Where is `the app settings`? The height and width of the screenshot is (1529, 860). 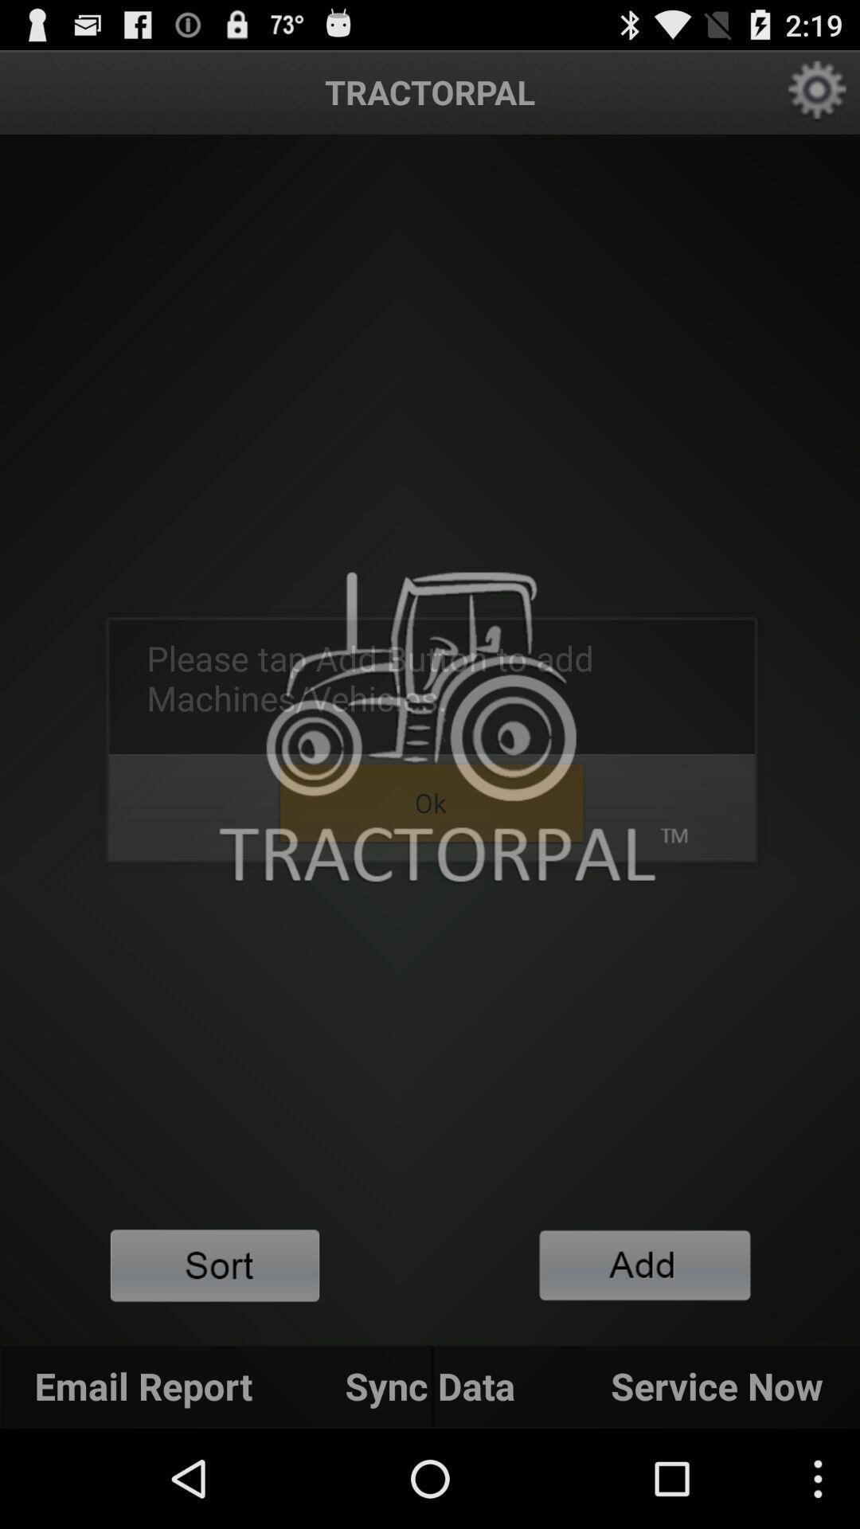 the app settings is located at coordinates (818, 91).